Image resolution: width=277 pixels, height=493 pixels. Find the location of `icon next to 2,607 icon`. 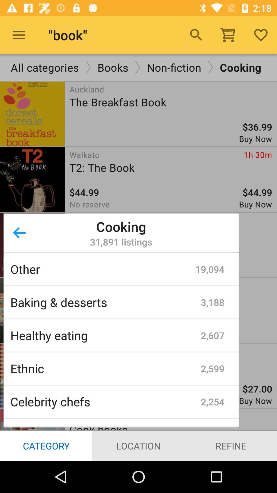

icon next to 2,607 icon is located at coordinates (105, 335).